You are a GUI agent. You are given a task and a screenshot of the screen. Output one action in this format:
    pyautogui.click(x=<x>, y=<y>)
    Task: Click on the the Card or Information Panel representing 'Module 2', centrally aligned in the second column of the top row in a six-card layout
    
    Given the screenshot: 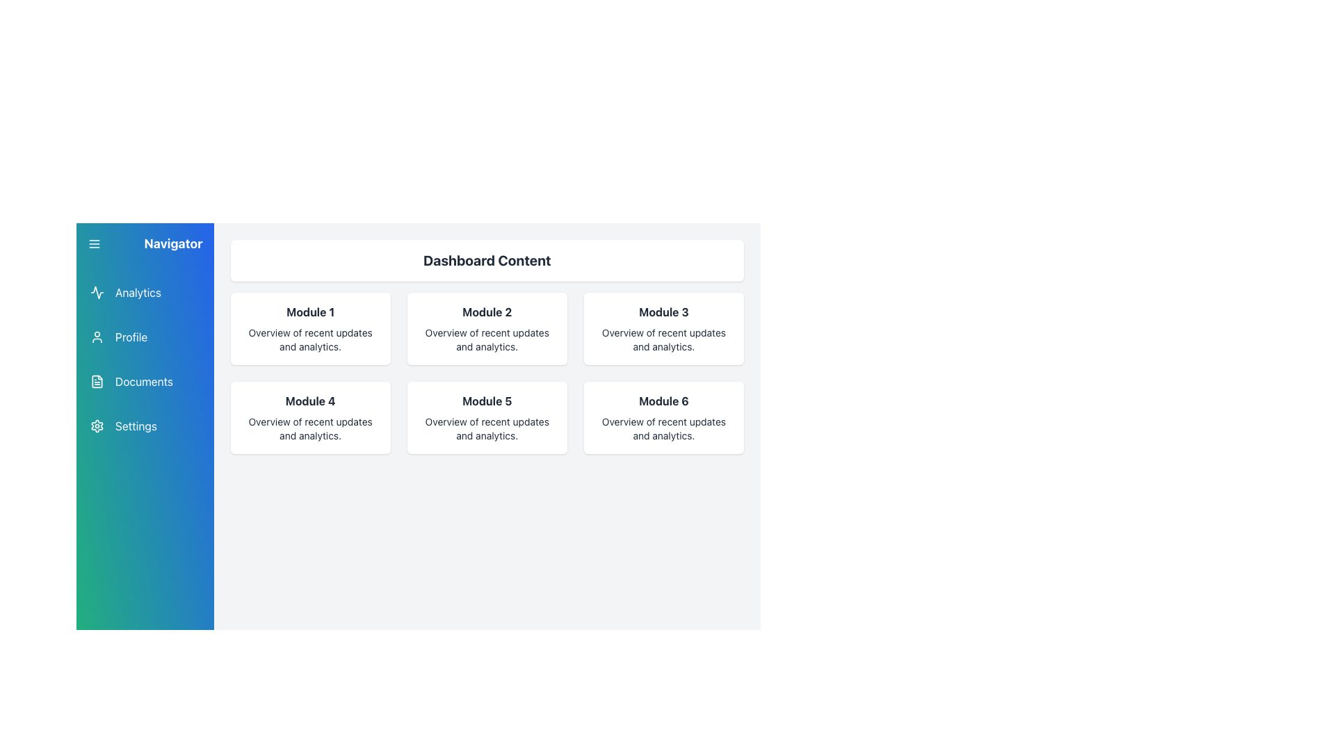 What is the action you would take?
    pyautogui.click(x=487, y=329)
    